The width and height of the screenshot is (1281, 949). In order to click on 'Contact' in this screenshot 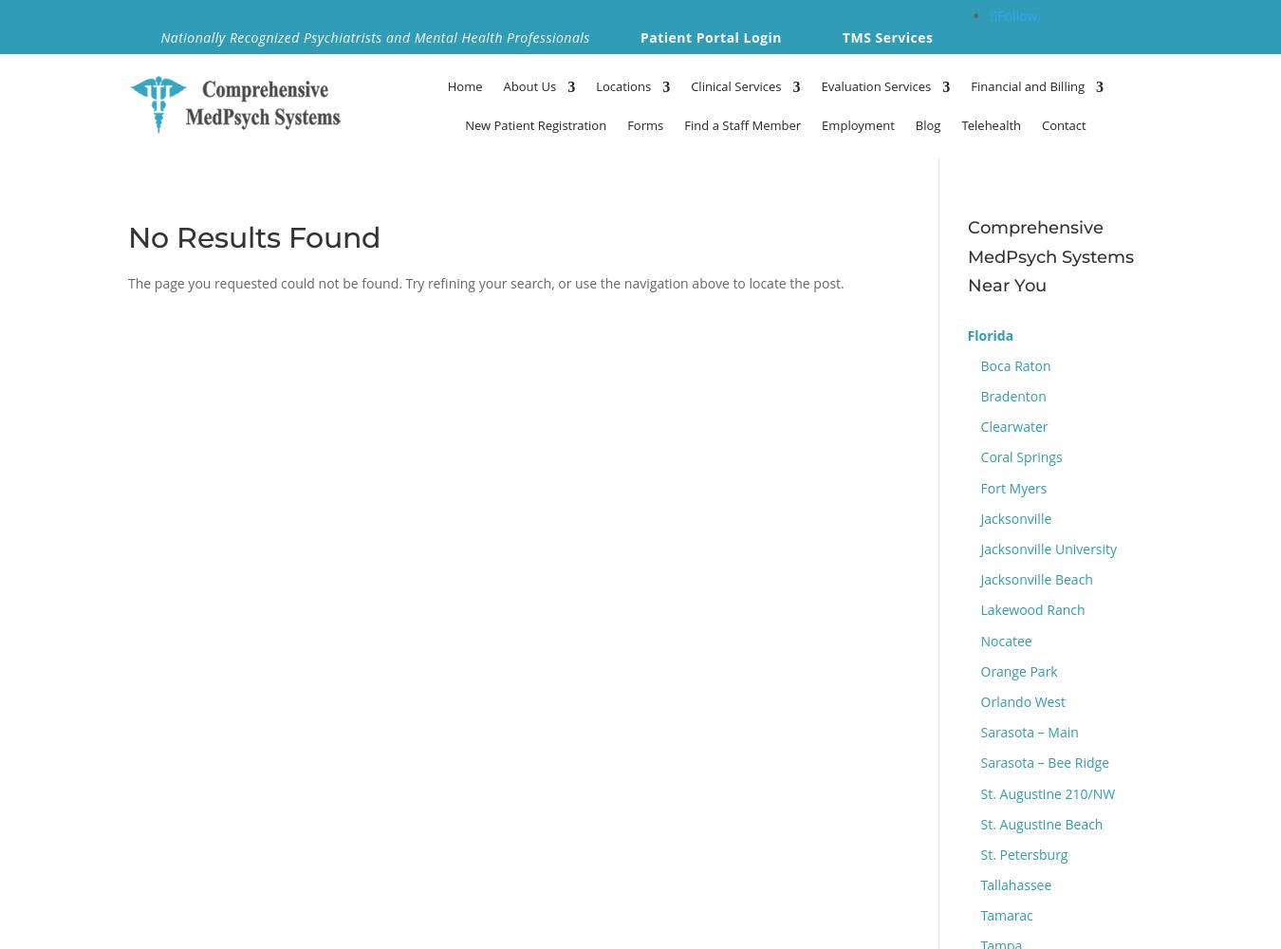, I will do `click(1041, 124)`.